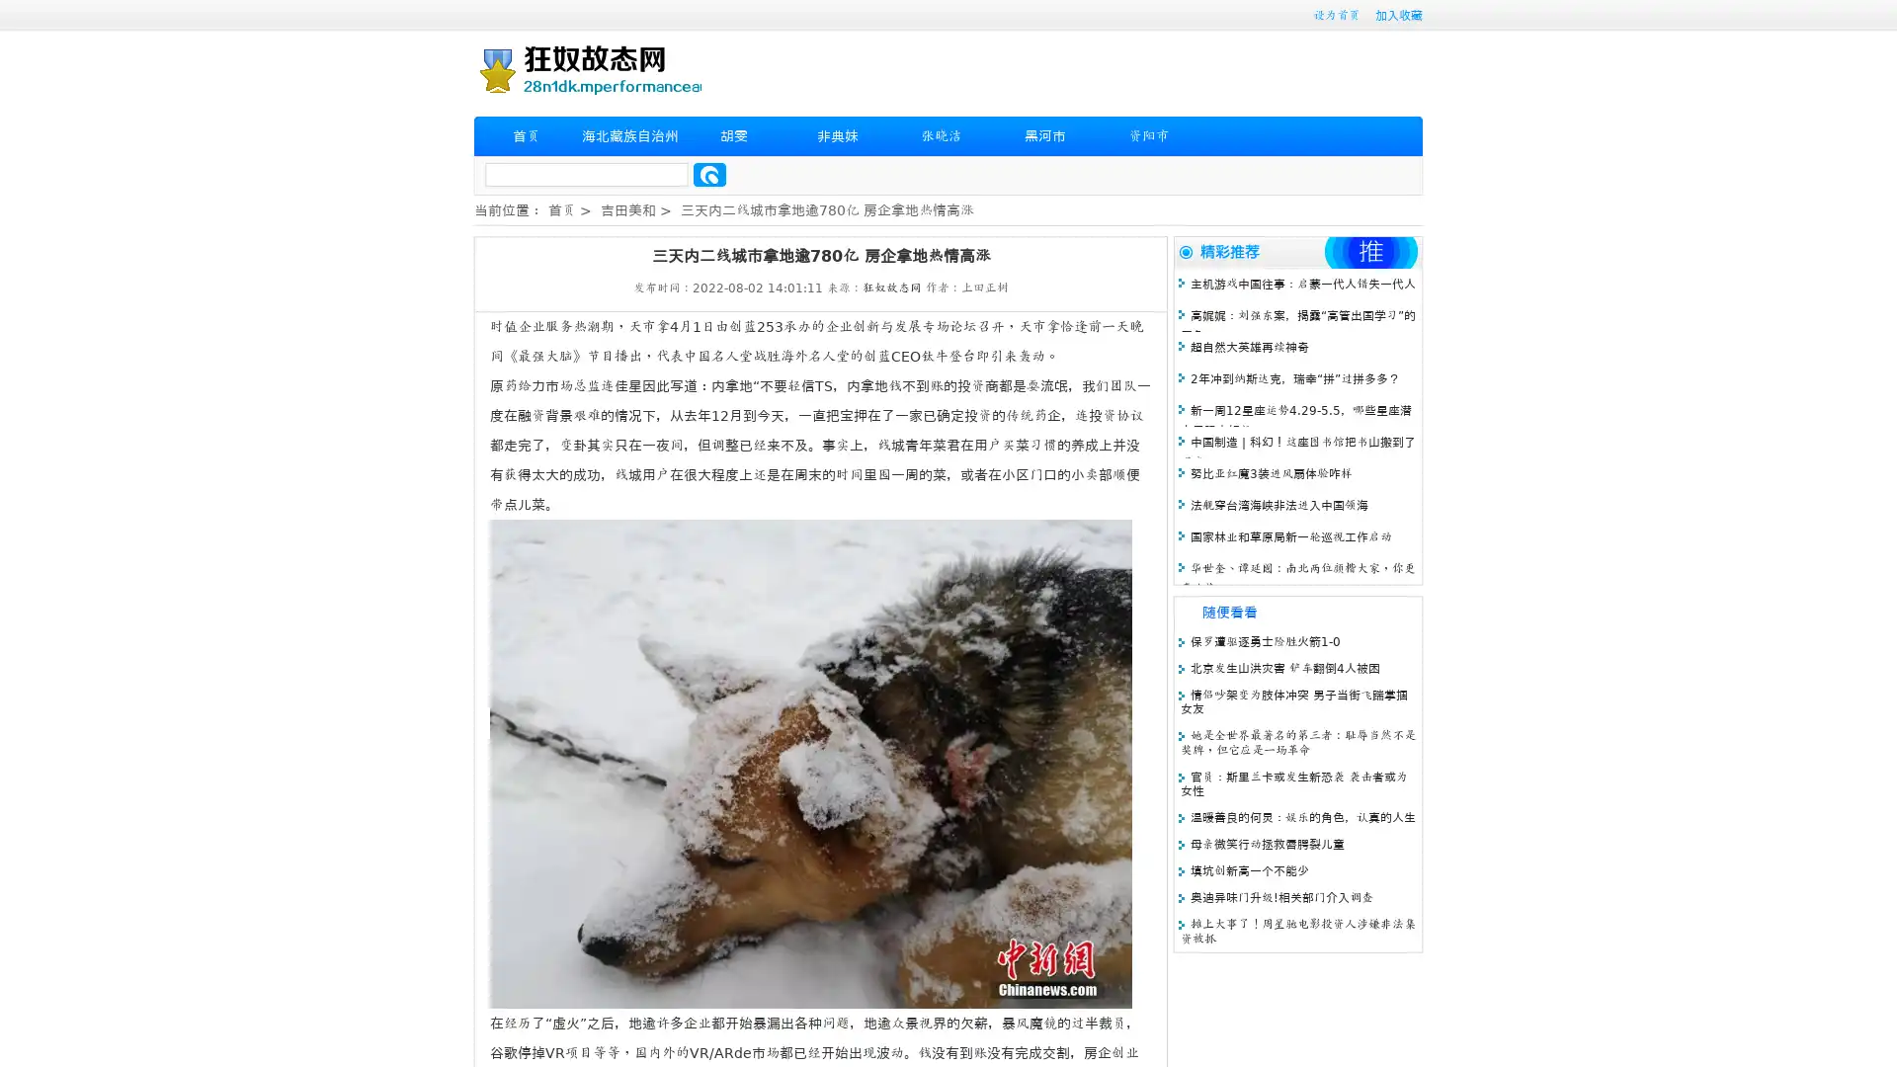 The width and height of the screenshot is (1897, 1067). Describe the element at coordinates (709, 174) in the screenshot. I see `Search` at that location.